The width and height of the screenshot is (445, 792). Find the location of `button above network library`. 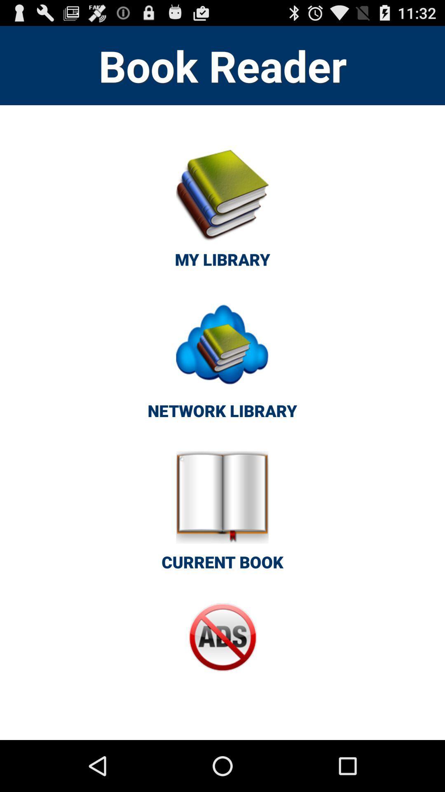

button above network library is located at coordinates (222, 213).